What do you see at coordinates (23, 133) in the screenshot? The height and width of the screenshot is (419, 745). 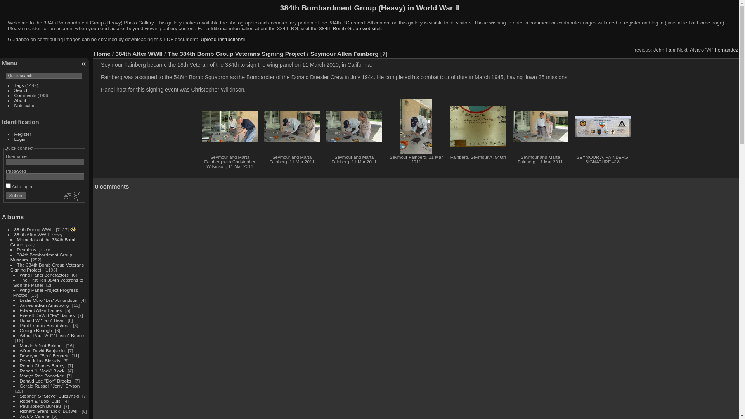 I see `'Register'` at bounding box center [23, 133].